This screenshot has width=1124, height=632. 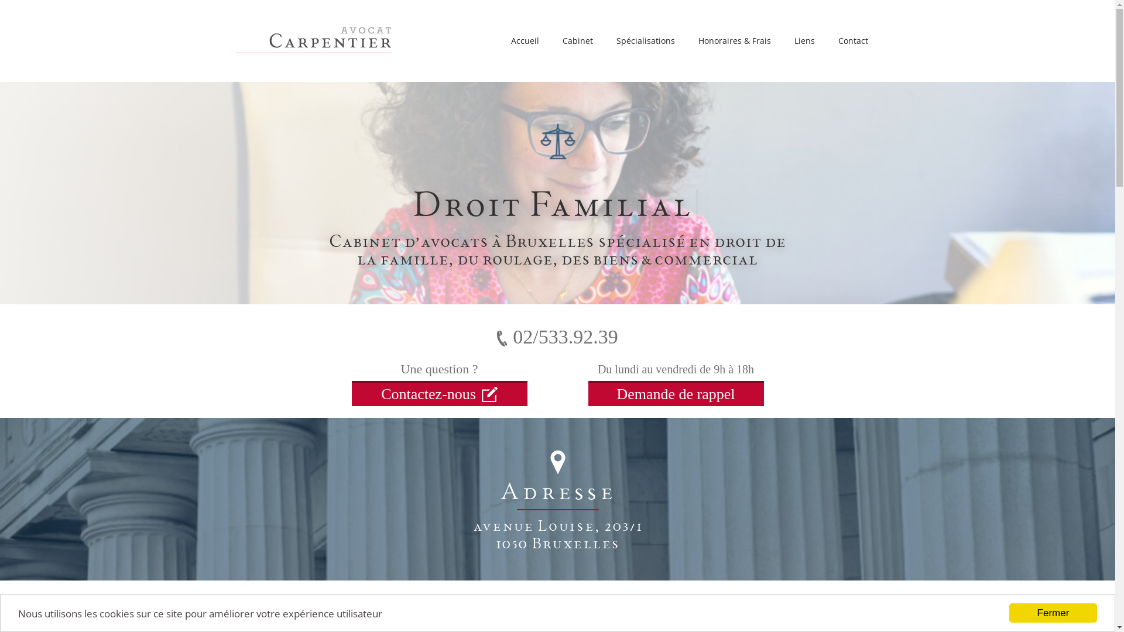 What do you see at coordinates (438, 393) in the screenshot?
I see `'Contactez-nous'` at bounding box center [438, 393].